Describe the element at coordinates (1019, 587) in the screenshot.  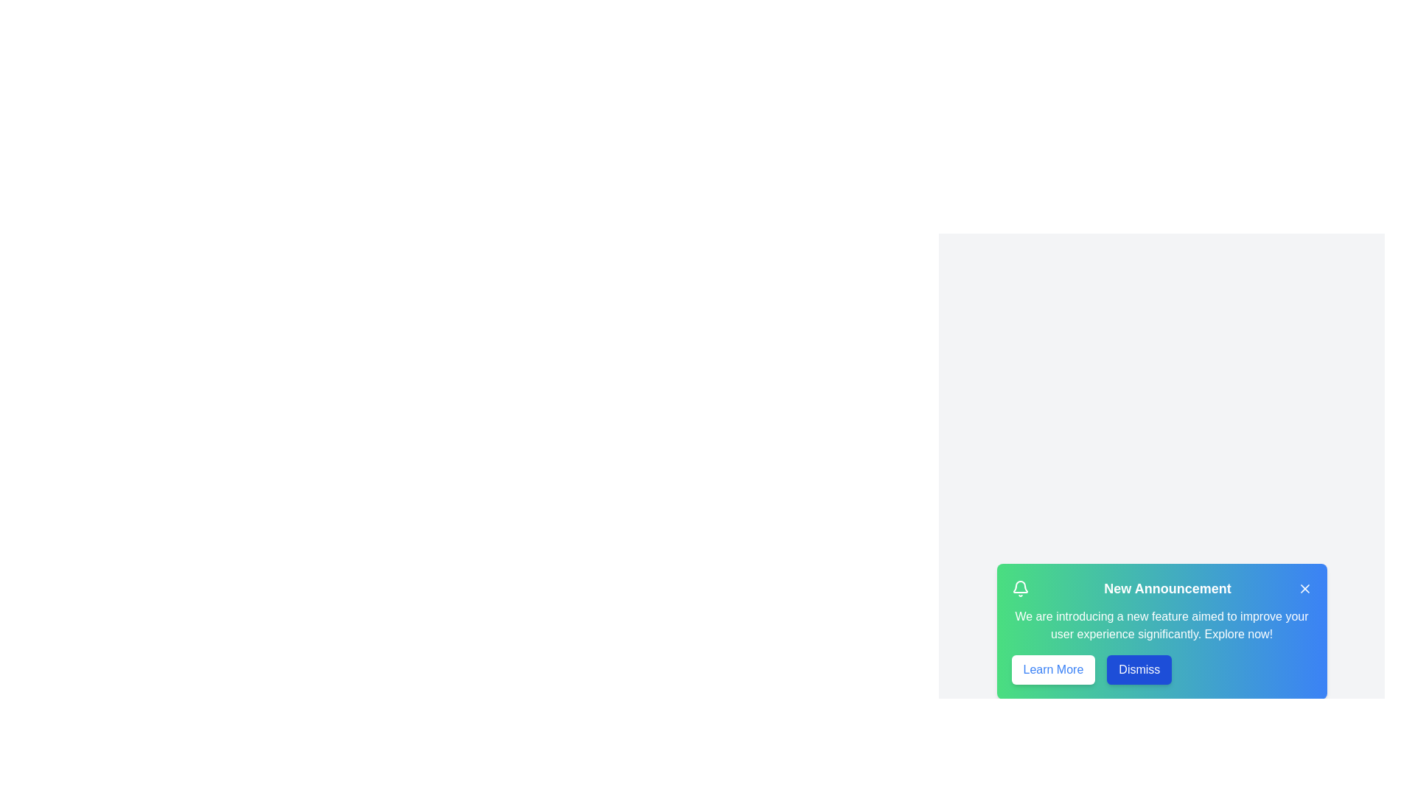
I see `the bell icon located to the left of the text 'New Announcement' in the top-left corner of the announcement banner` at that location.